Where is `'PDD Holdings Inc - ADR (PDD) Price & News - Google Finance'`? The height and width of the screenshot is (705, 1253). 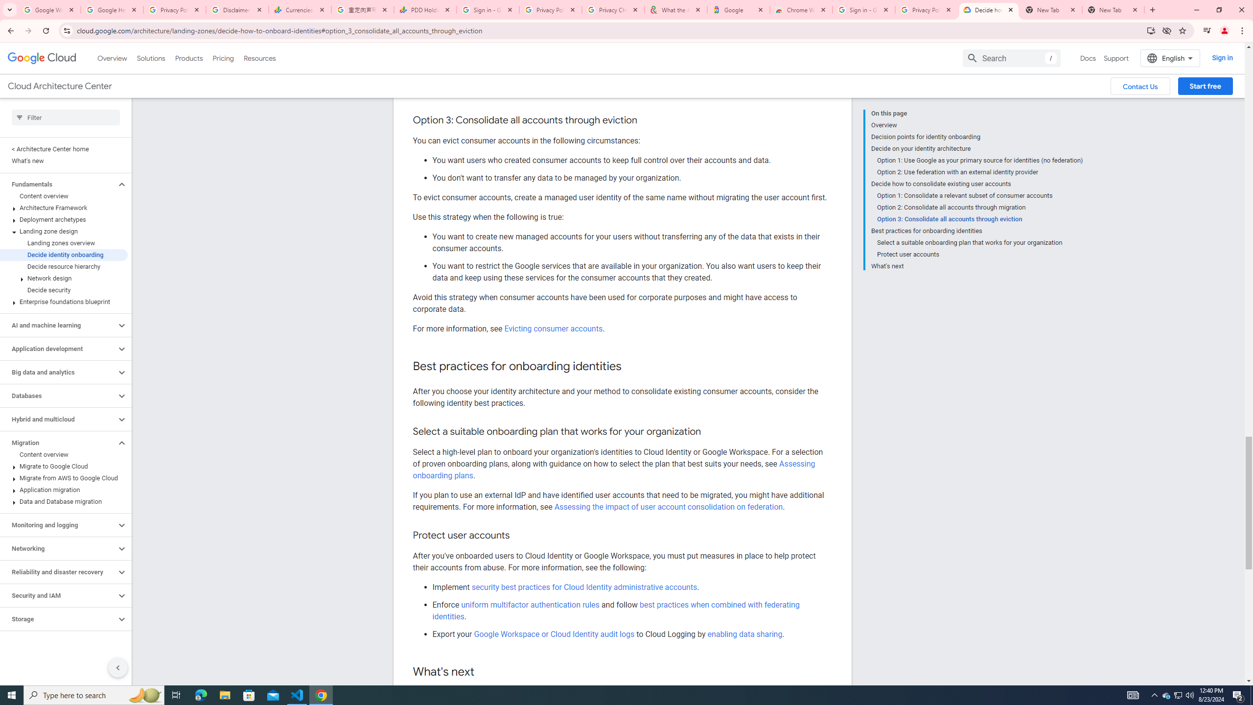 'PDD Holdings Inc - ADR (PDD) Price & News - Google Finance' is located at coordinates (425, 9).